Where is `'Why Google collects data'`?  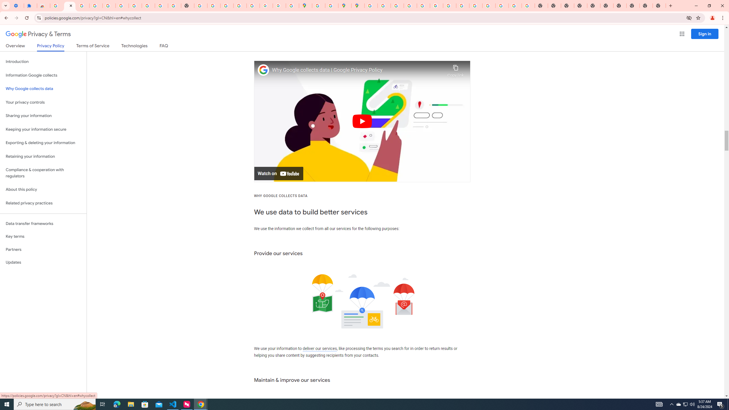 'Why Google collects data' is located at coordinates (43, 88).